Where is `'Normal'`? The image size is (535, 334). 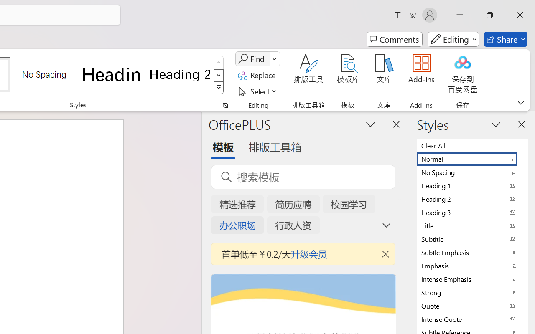 'Normal' is located at coordinates (472, 158).